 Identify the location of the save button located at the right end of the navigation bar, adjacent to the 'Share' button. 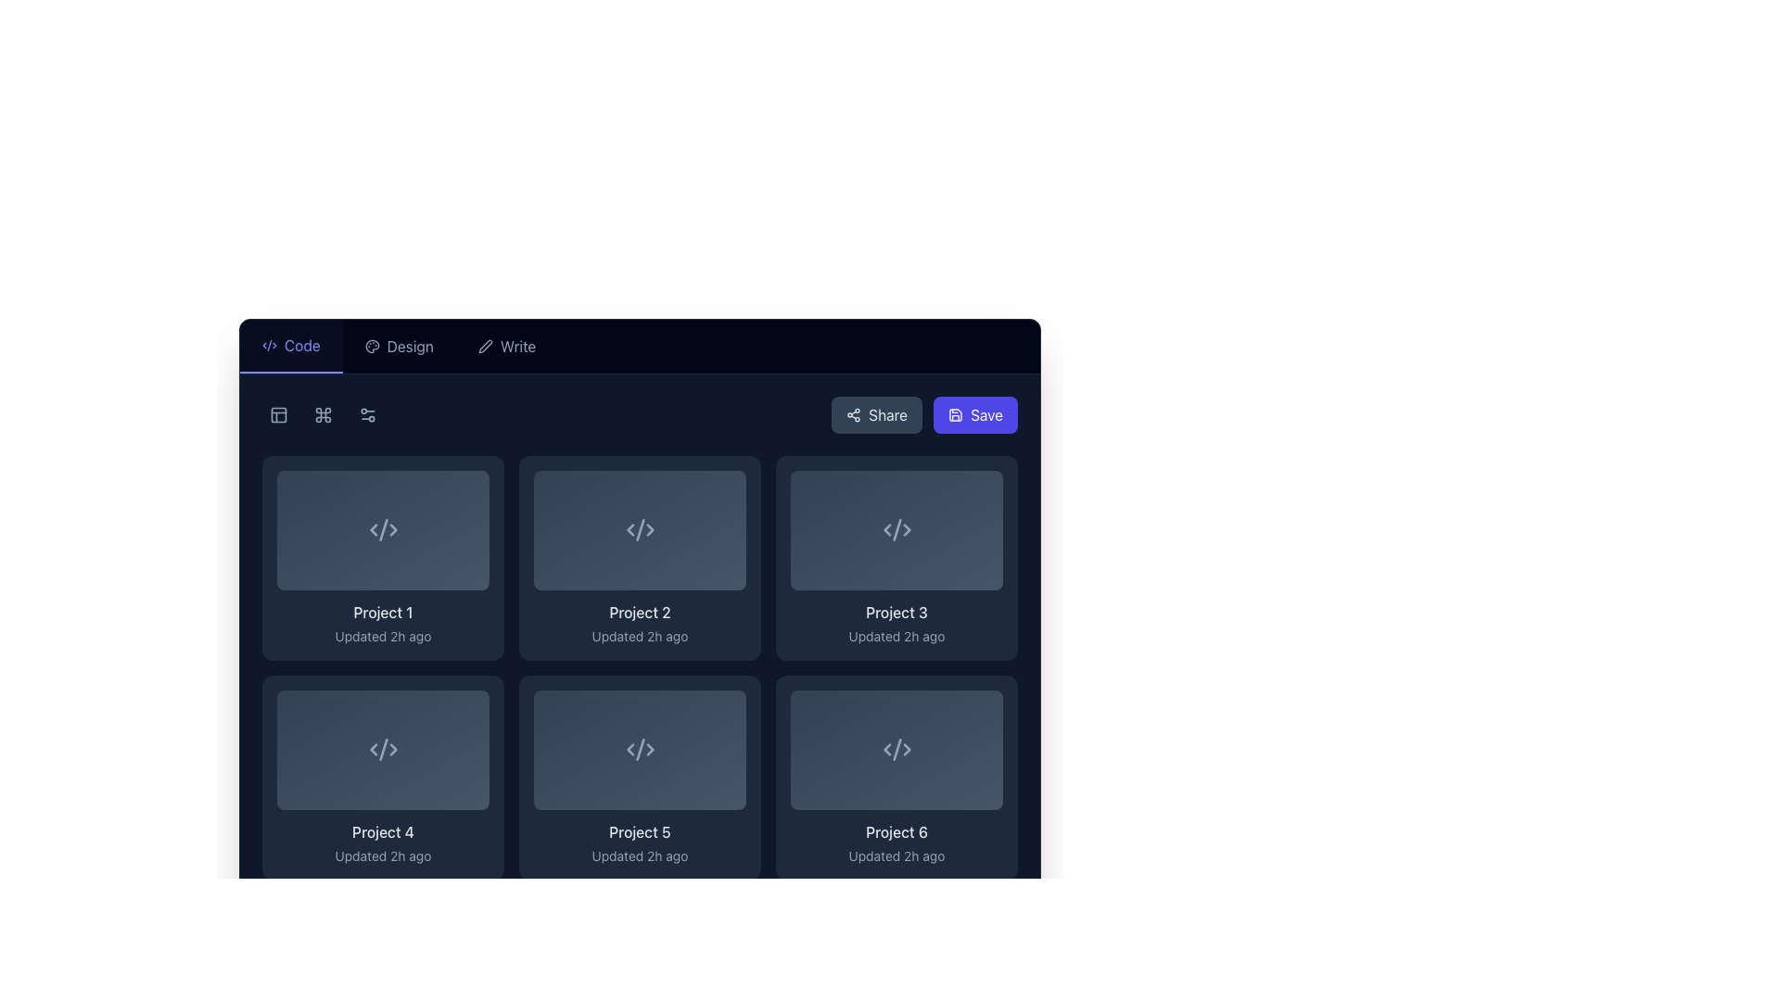
(985, 413).